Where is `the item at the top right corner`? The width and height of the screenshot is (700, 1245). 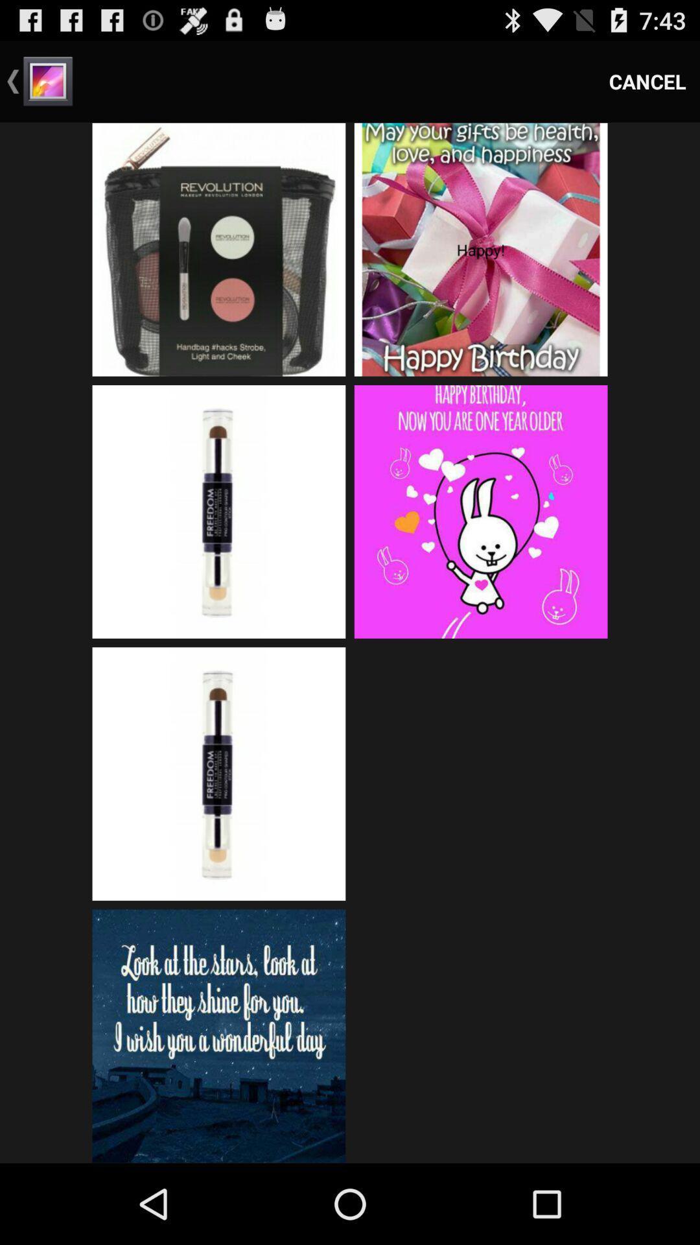 the item at the top right corner is located at coordinates (647, 80).